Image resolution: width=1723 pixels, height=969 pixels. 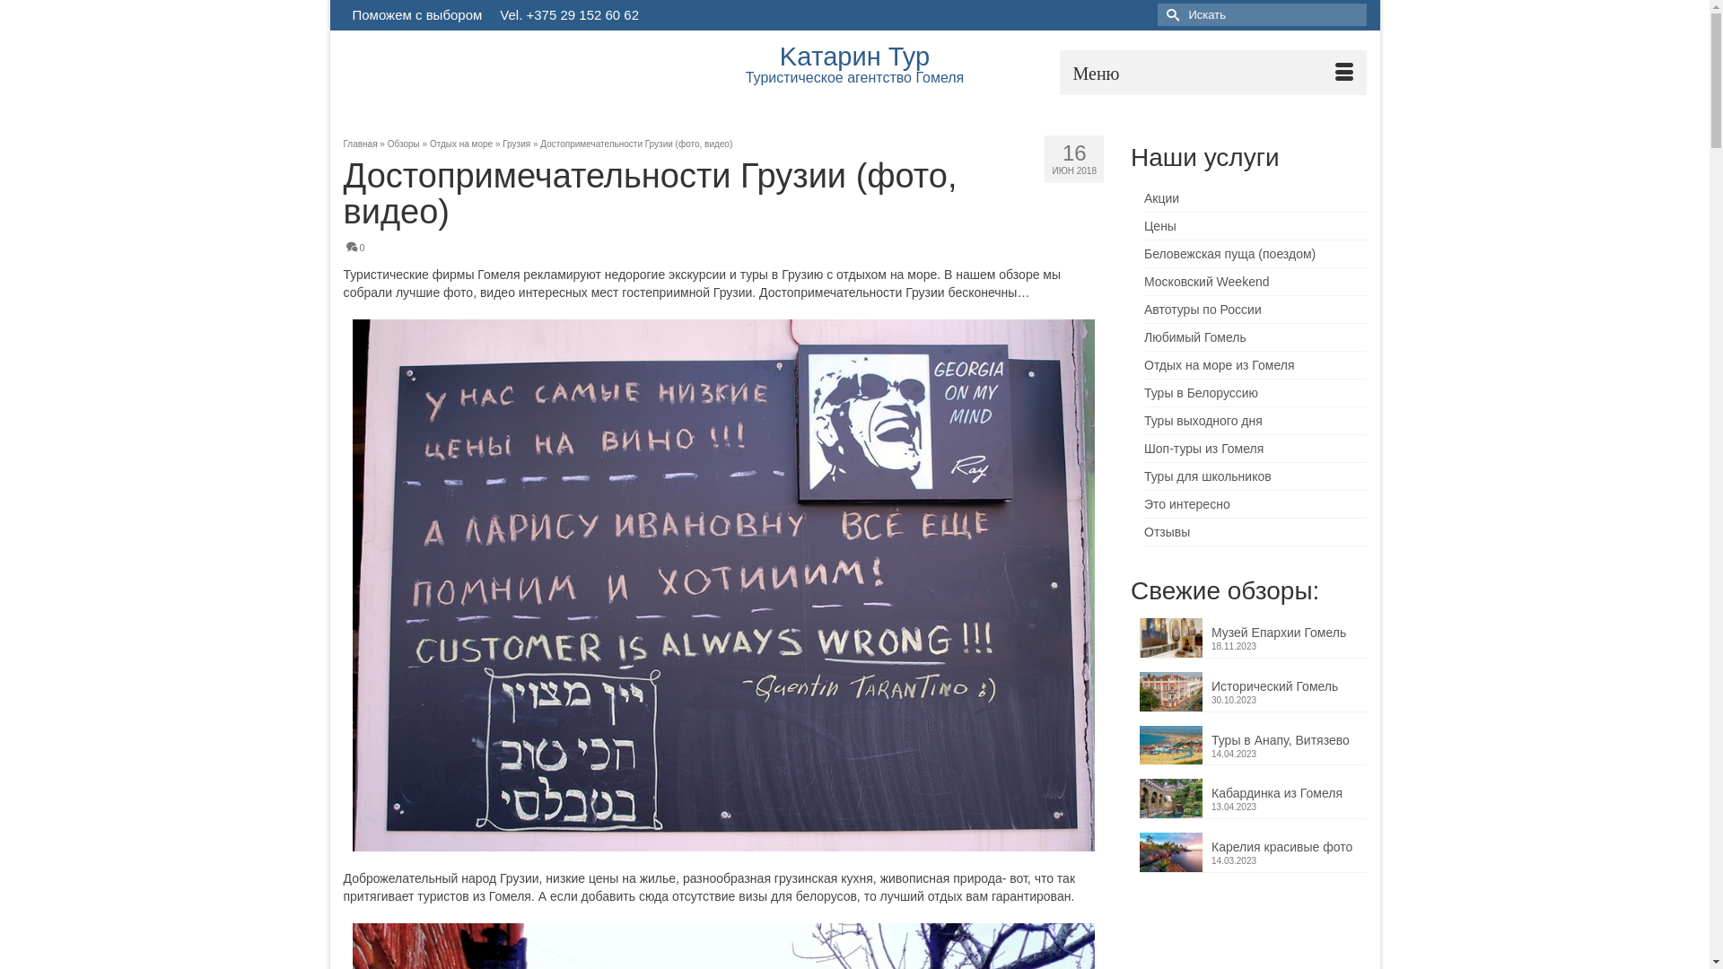 I want to click on '0', so click(x=355, y=248).